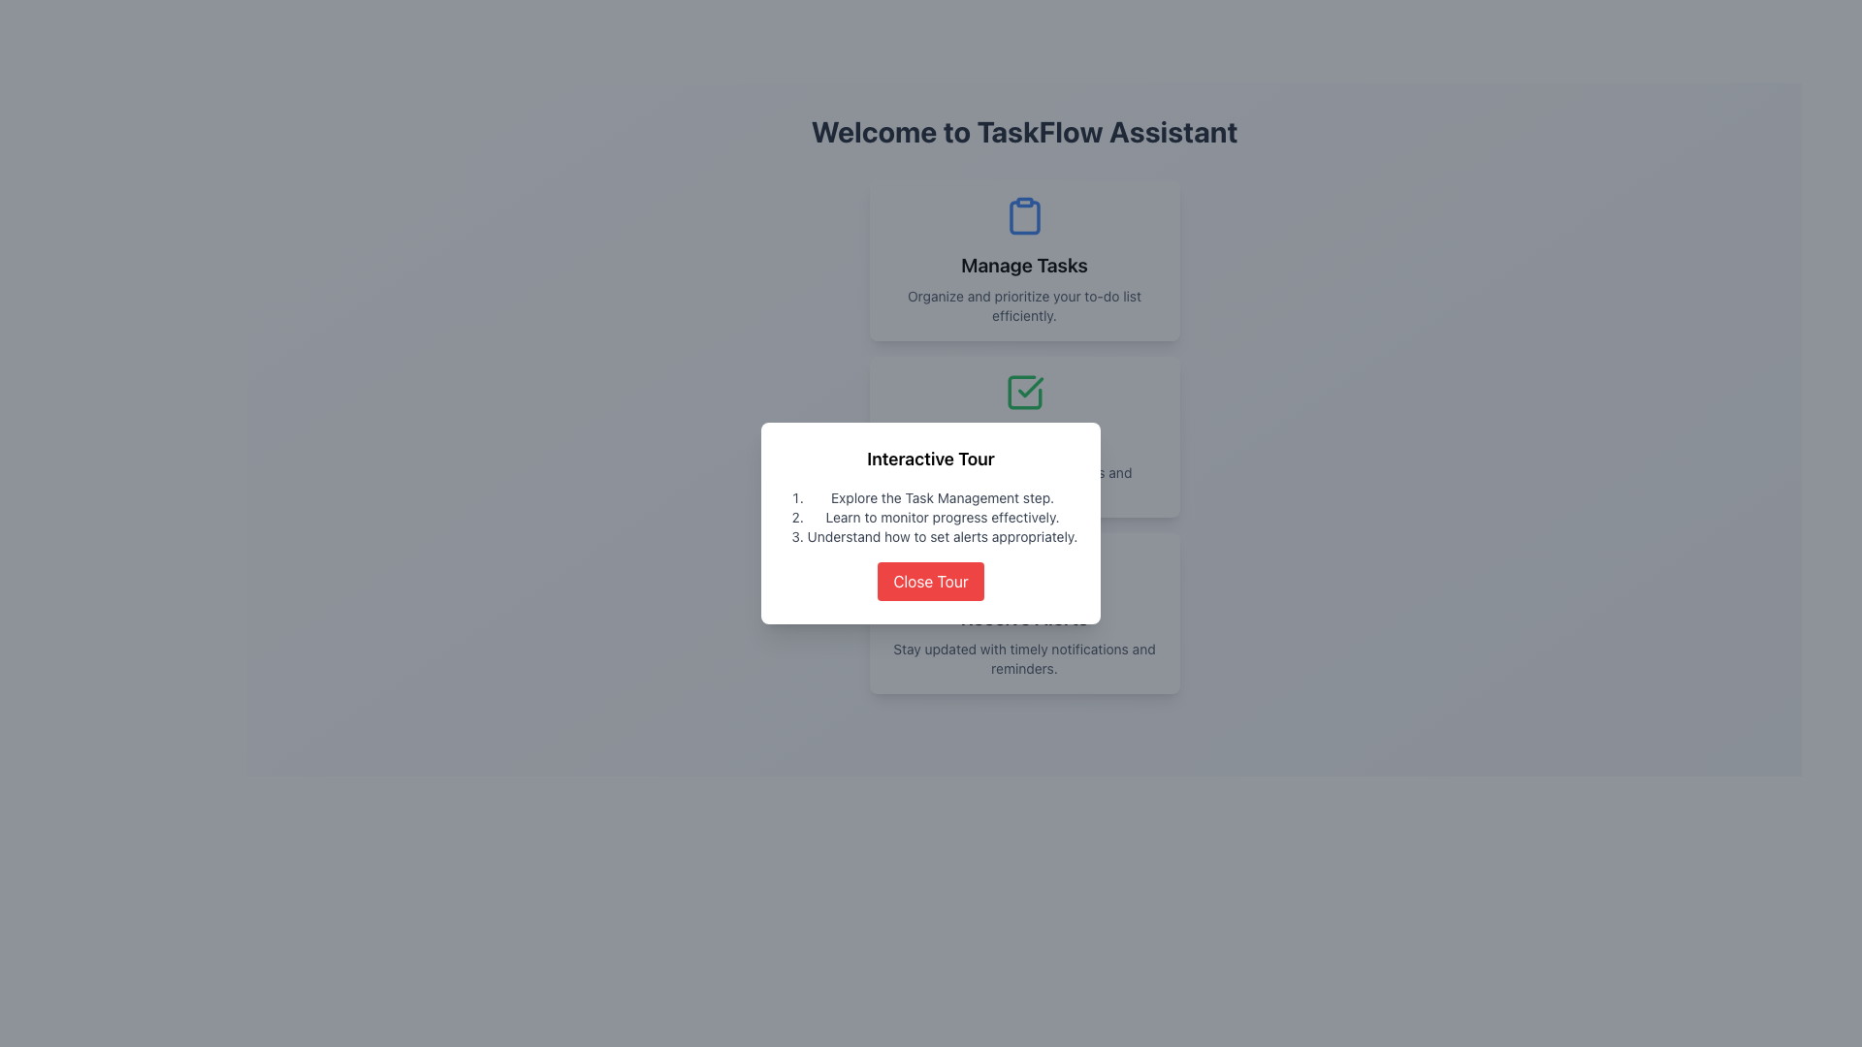  Describe the element at coordinates (942, 537) in the screenshot. I see `the third item in the ordered list with class name 'list-decimal ml-6 mb-4 text-sm text-gray-700' within the 'Interactive Tour' modal window` at that location.